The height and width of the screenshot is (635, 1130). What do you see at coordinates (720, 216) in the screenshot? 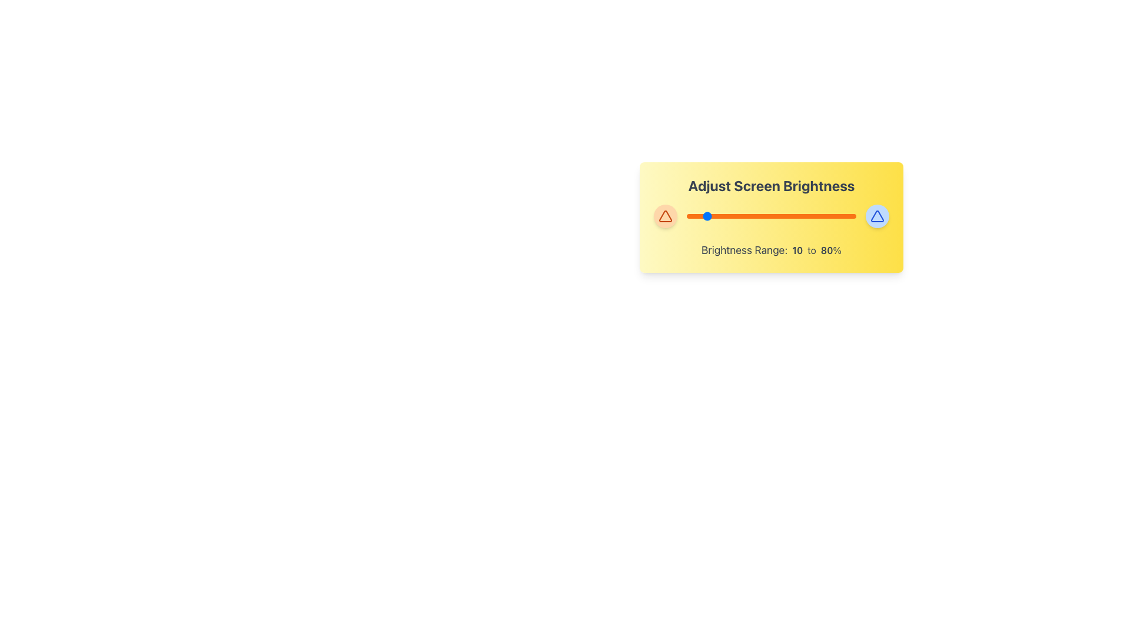
I see `brightness` at bounding box center [720, 216].